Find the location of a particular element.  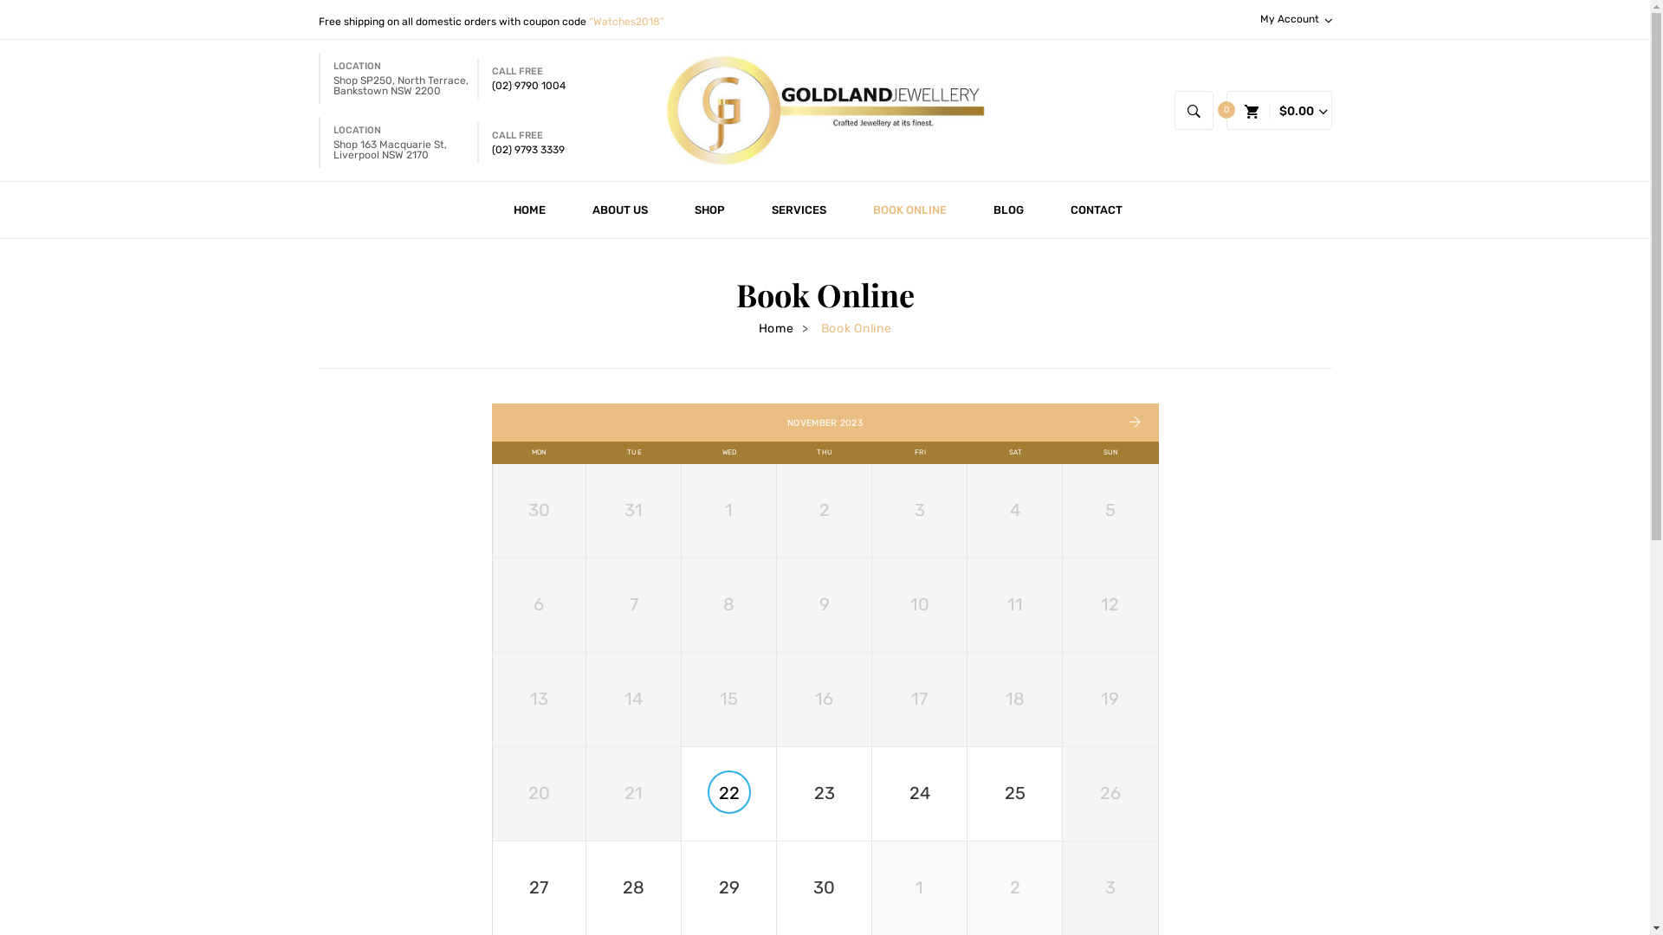

'SERVICES' is located at coordinates (798, 209).